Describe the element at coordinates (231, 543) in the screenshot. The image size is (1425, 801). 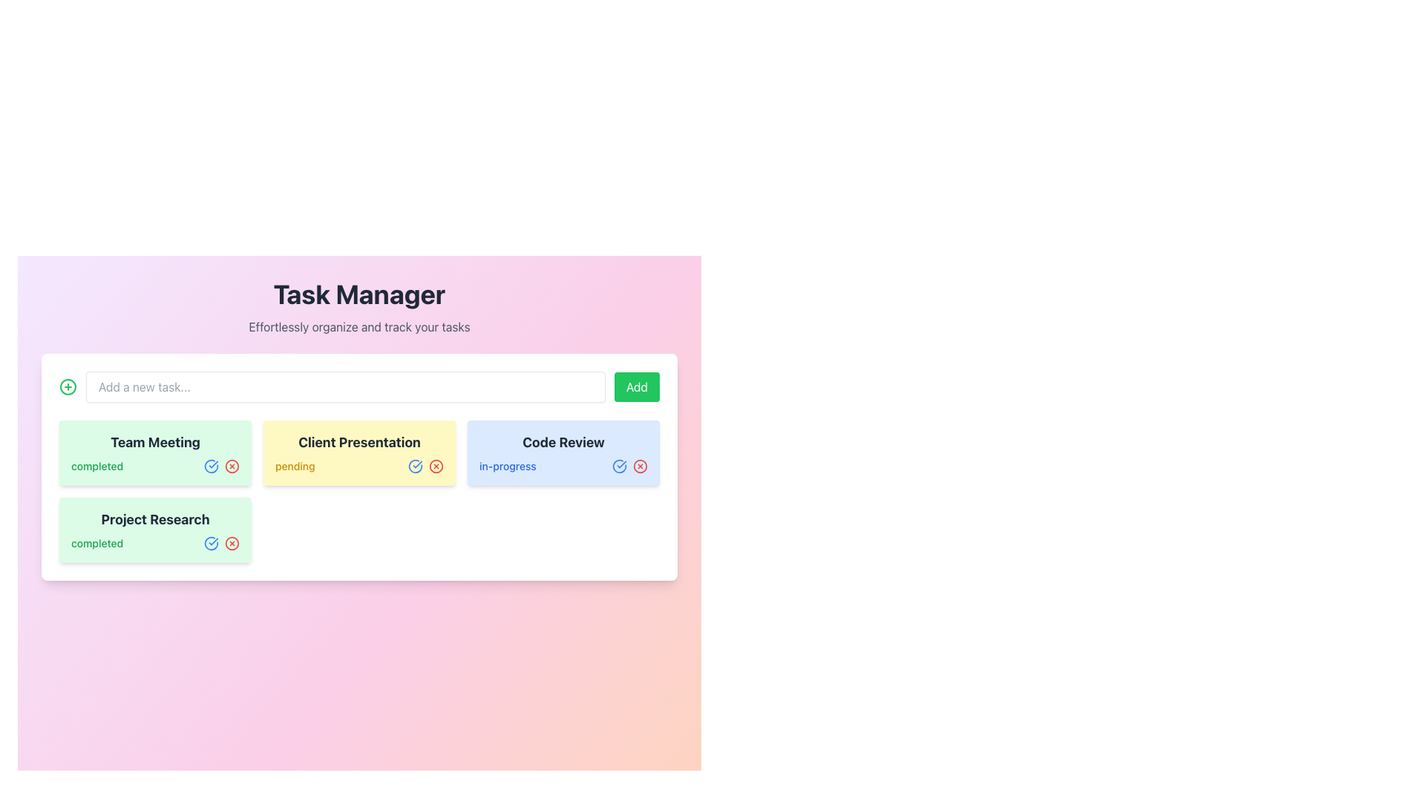
I see `the delete button located at the bottom-right corner of the 'Project Research' task card` at that location.